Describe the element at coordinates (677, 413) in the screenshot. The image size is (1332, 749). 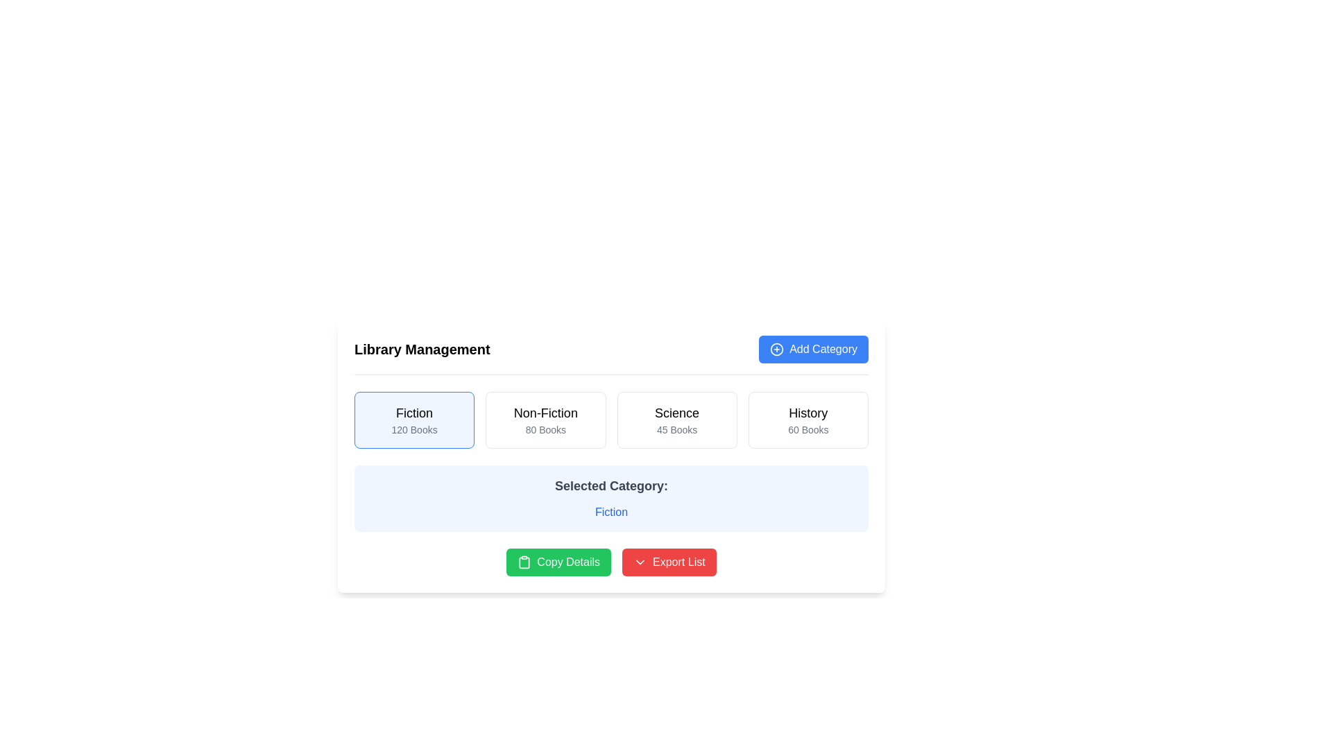
I see `the text label displaying 'Science' which is centrally aligned within the category card labeled 'Science 45 Books'` at that location.